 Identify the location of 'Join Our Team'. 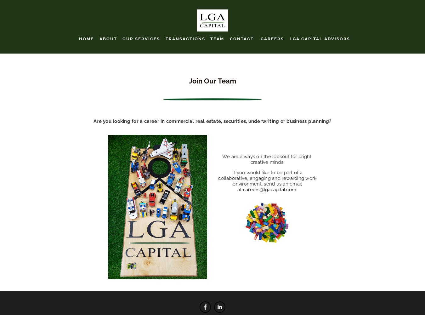
(189, 81).